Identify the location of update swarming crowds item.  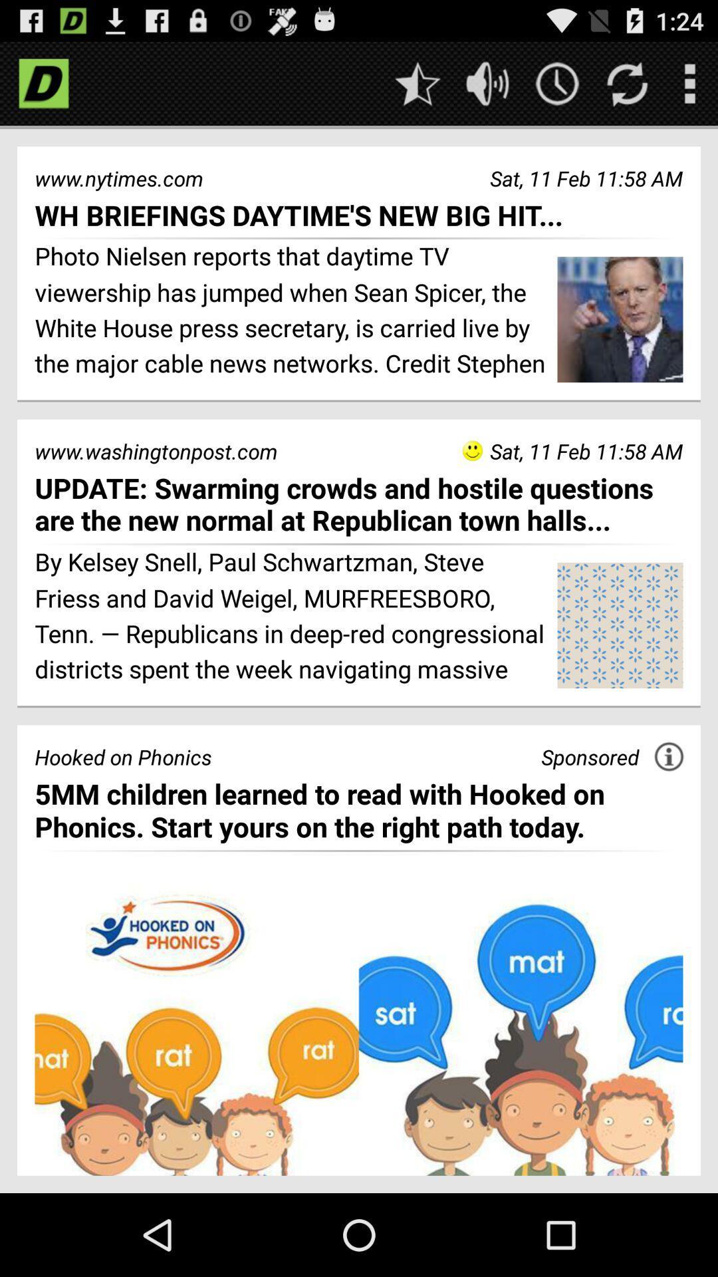
(359, 503).